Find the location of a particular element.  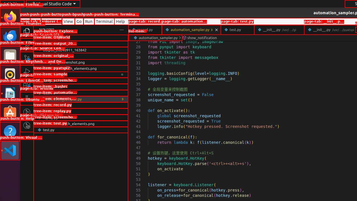

'Firefox Web Browser' is located at coordinates (10, 17).